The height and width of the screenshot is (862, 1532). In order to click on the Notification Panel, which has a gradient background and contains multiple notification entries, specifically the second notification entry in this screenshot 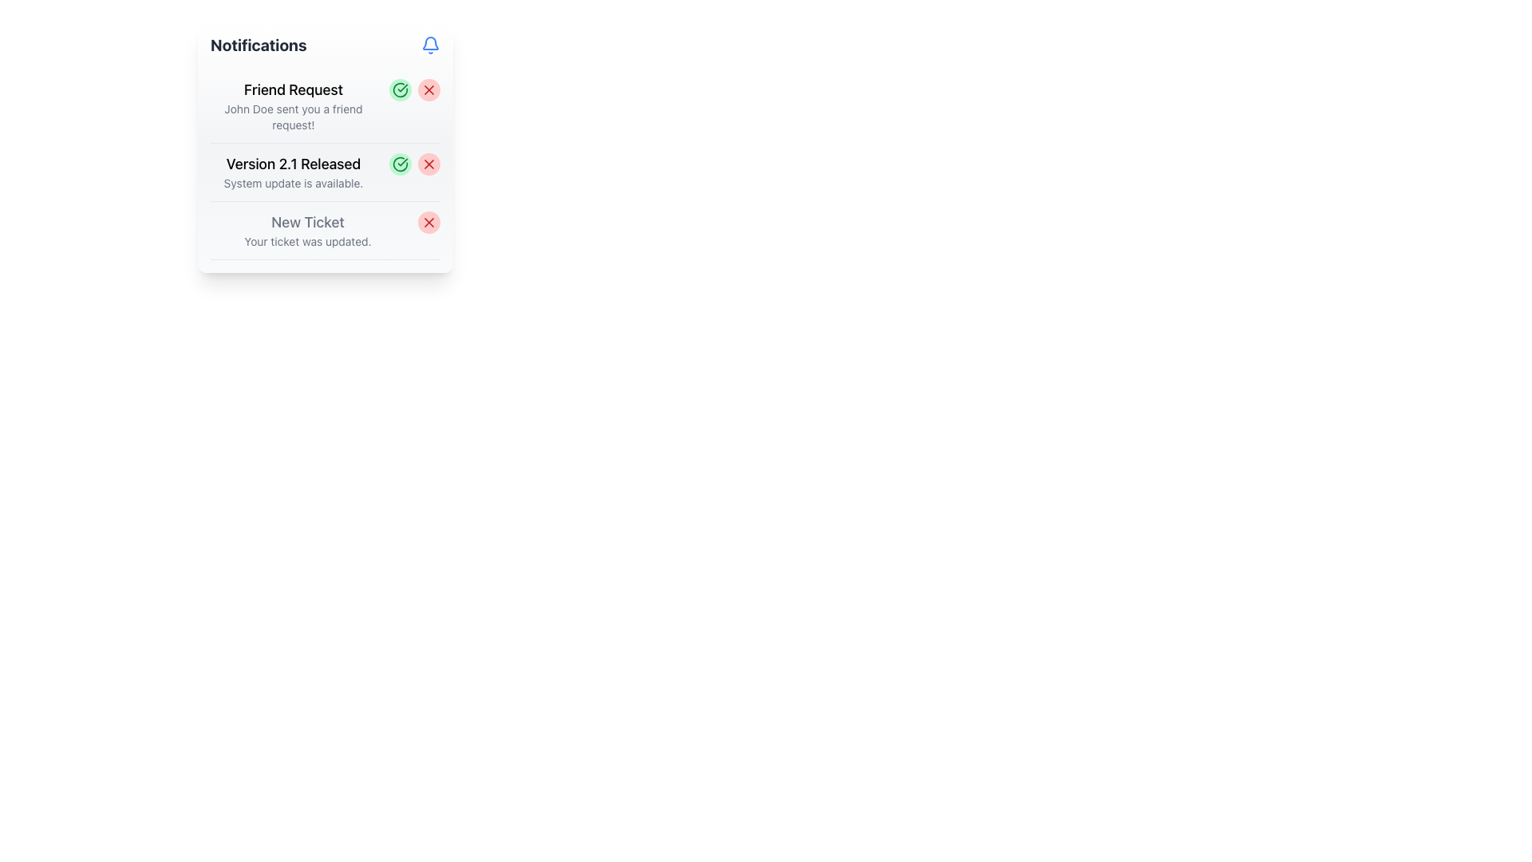, I will do `click(325, 147)`.